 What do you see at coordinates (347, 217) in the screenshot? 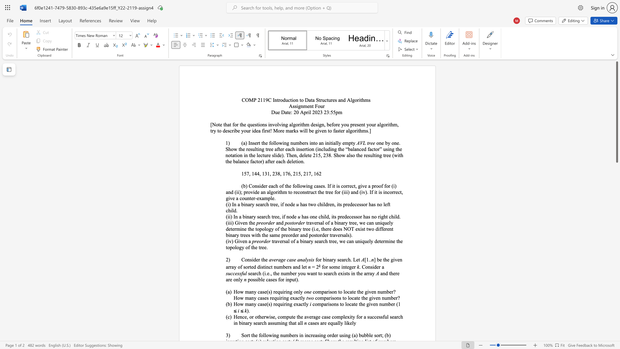
I see `the 3th character "e" in the text` at bounding box center [347, 217].